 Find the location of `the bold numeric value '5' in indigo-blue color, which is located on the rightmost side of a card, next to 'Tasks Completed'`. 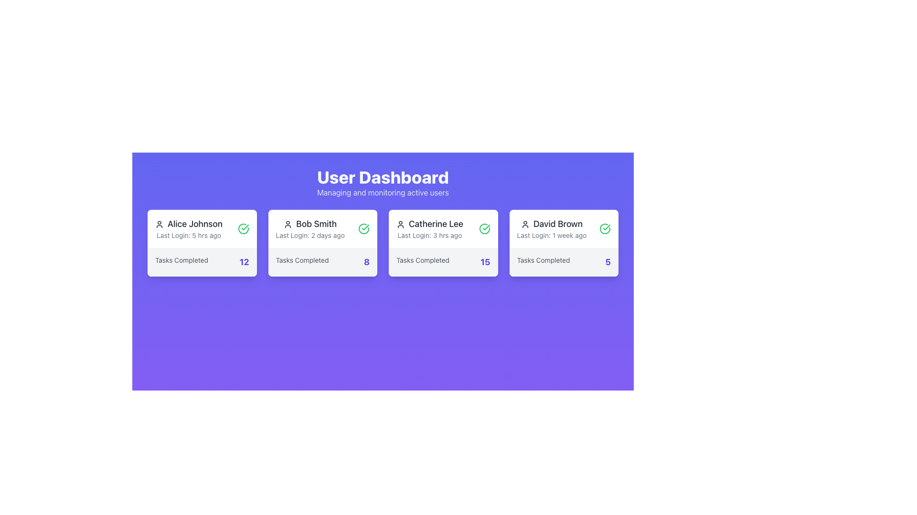

the bold numeric value '5' in indigo-blue color, which is located on the rightmost side of a card, next to 'Tasks Completed' is located at coordinates (608, 262).